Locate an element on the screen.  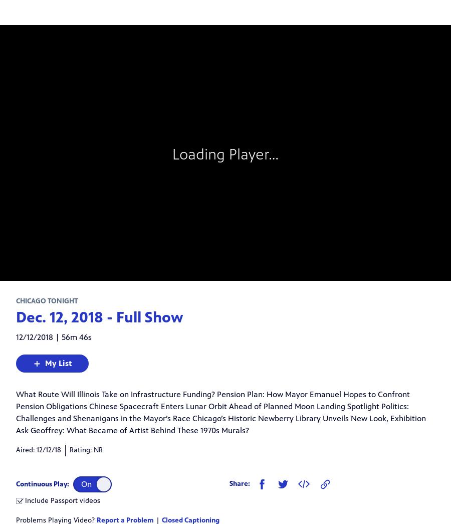
'As crime in Chicago and the surrounding communities is on the rise, WTTW News and Chicago Tonight launched a new reporting initiative – “A Safer City” – to dive deep into neighborhood crime, violence, and public safety throughout the summer months.' is located at coordinates (216, 304).